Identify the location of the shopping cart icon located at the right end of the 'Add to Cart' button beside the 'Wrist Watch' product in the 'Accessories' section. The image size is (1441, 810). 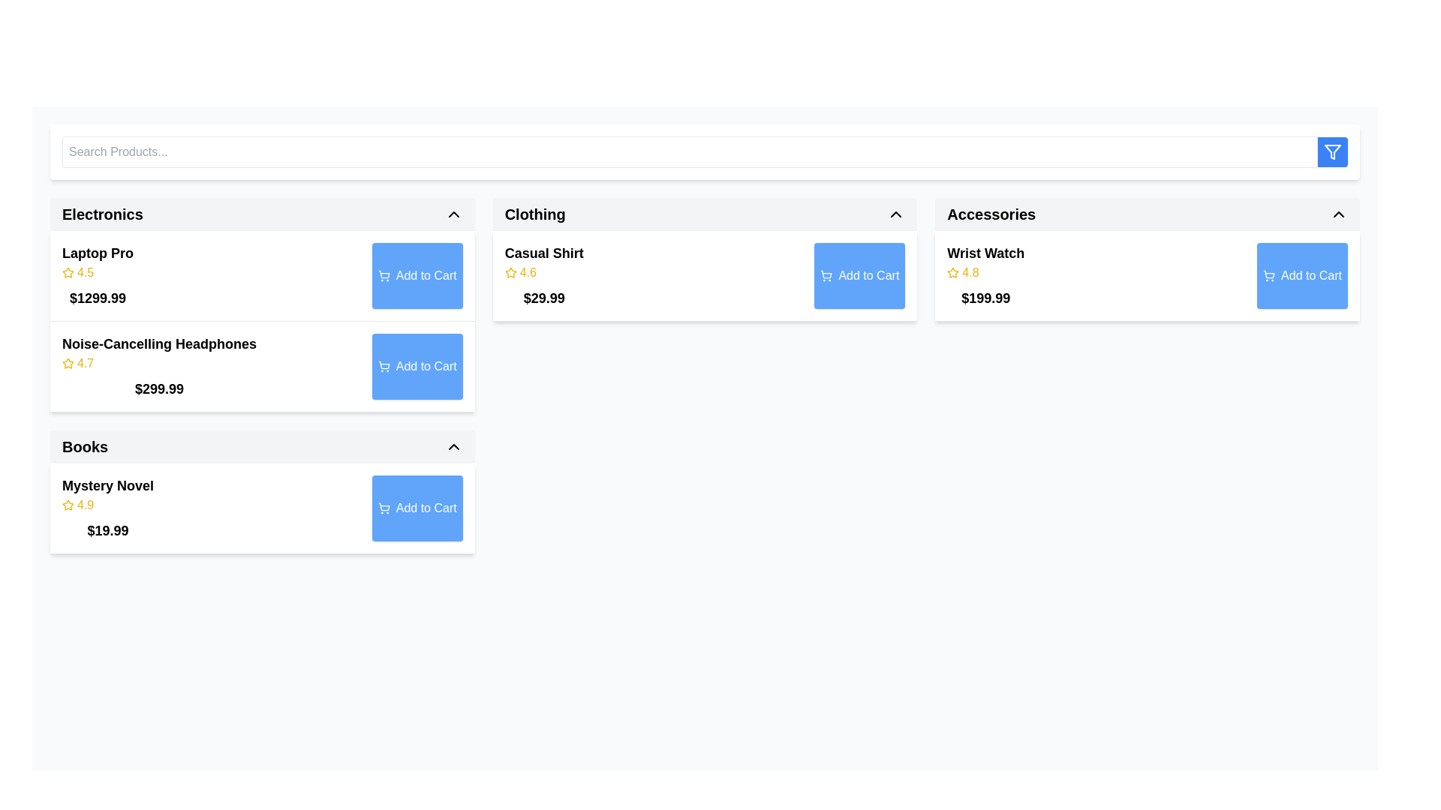
(1268, 274).